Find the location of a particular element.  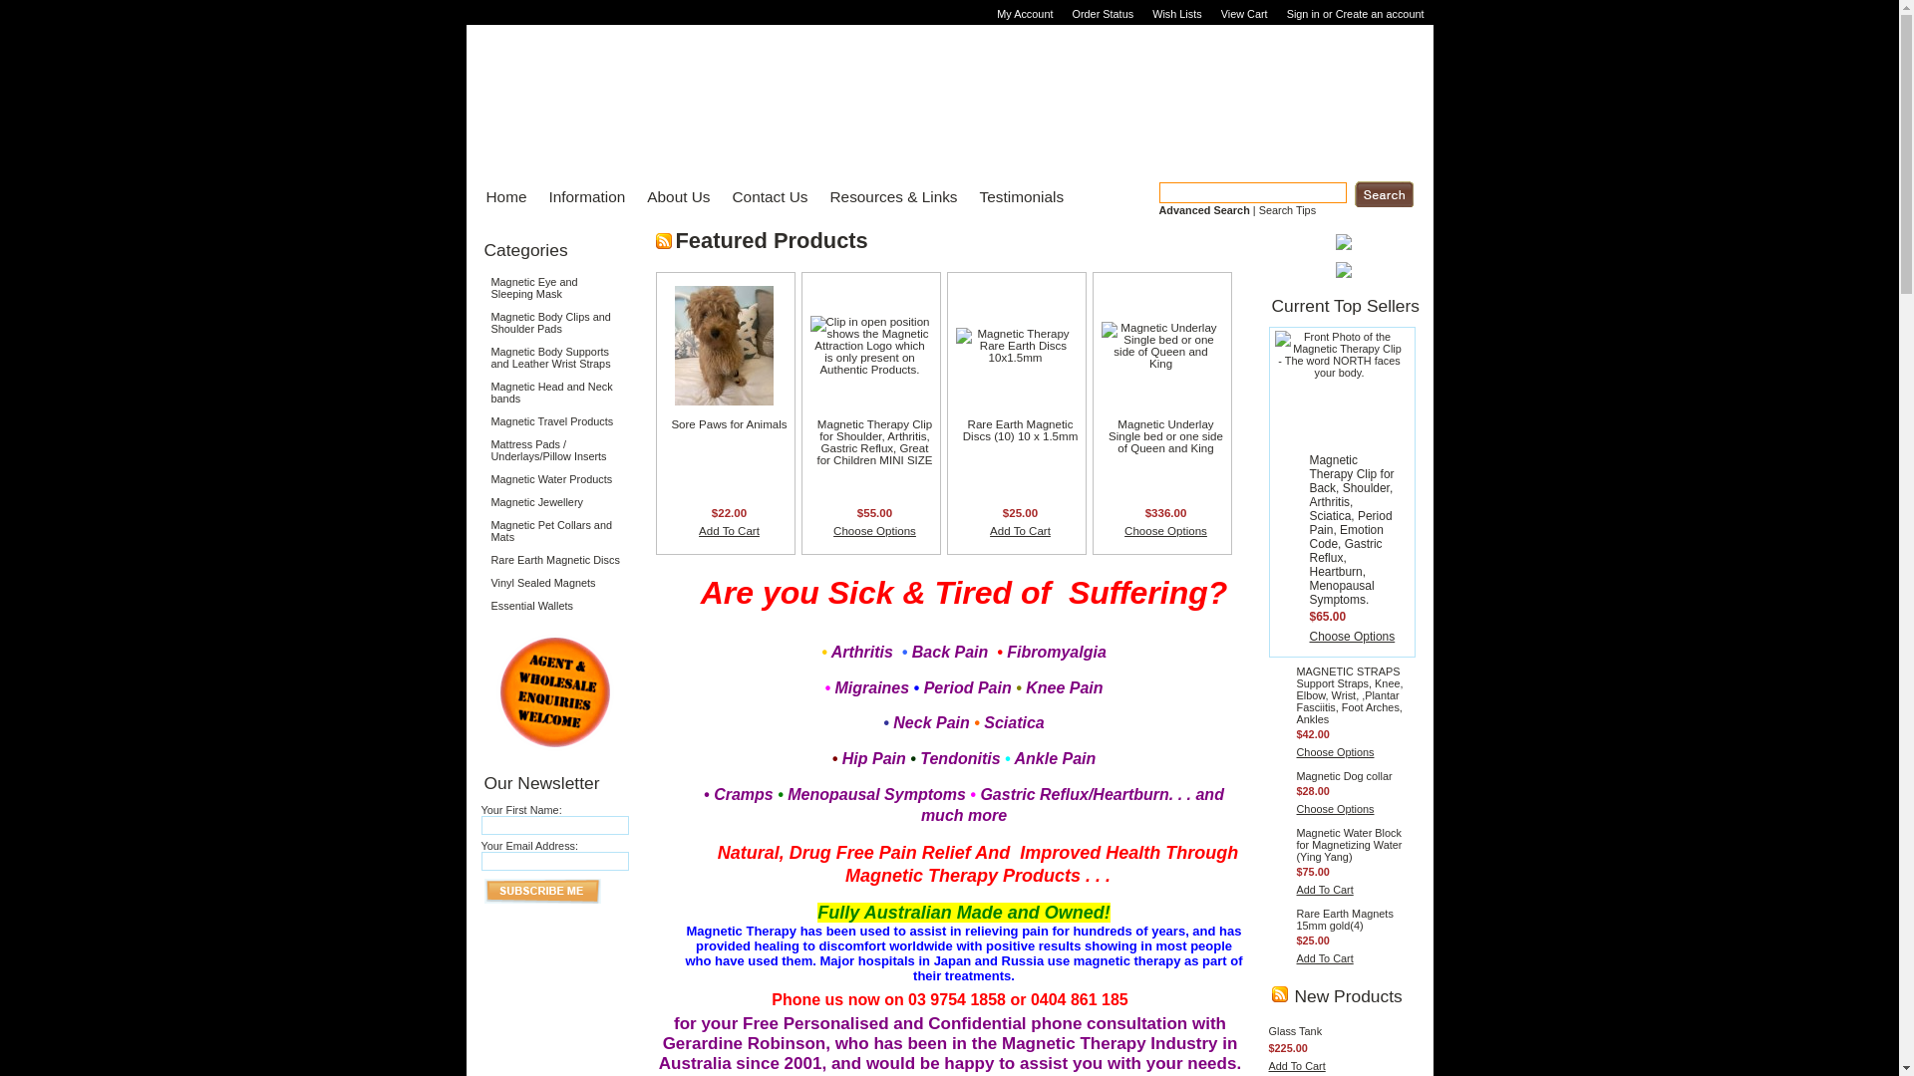

'Rare Earth Magnets 15mm gold(4)' is located at coordinates (1344, 919).